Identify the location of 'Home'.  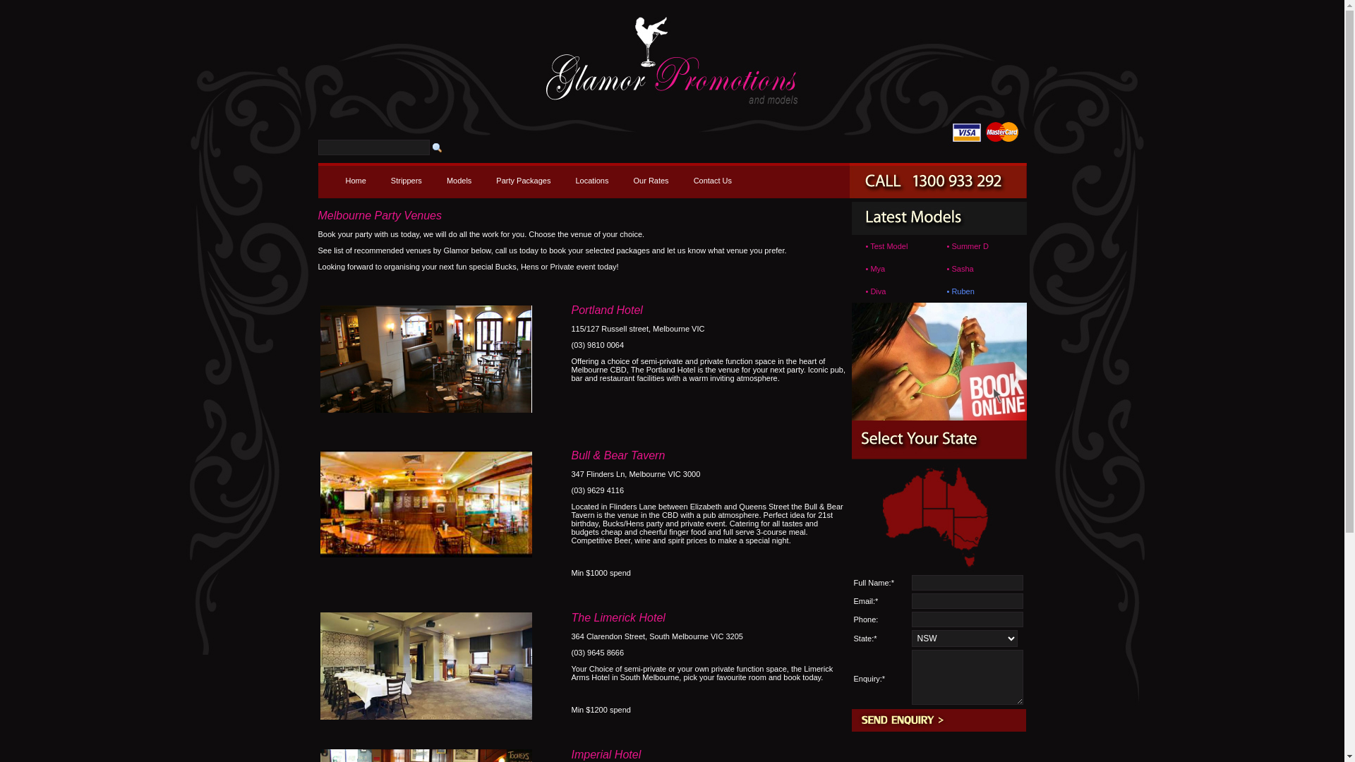
(355, 179).